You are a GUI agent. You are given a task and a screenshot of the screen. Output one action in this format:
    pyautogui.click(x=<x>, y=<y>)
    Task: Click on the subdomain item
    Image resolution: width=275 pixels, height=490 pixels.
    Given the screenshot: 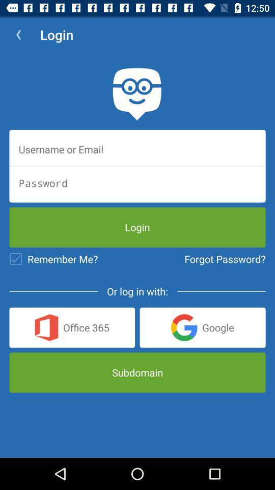 What is the action you would take?
    pyautogui.click(x=137, y=372)
    